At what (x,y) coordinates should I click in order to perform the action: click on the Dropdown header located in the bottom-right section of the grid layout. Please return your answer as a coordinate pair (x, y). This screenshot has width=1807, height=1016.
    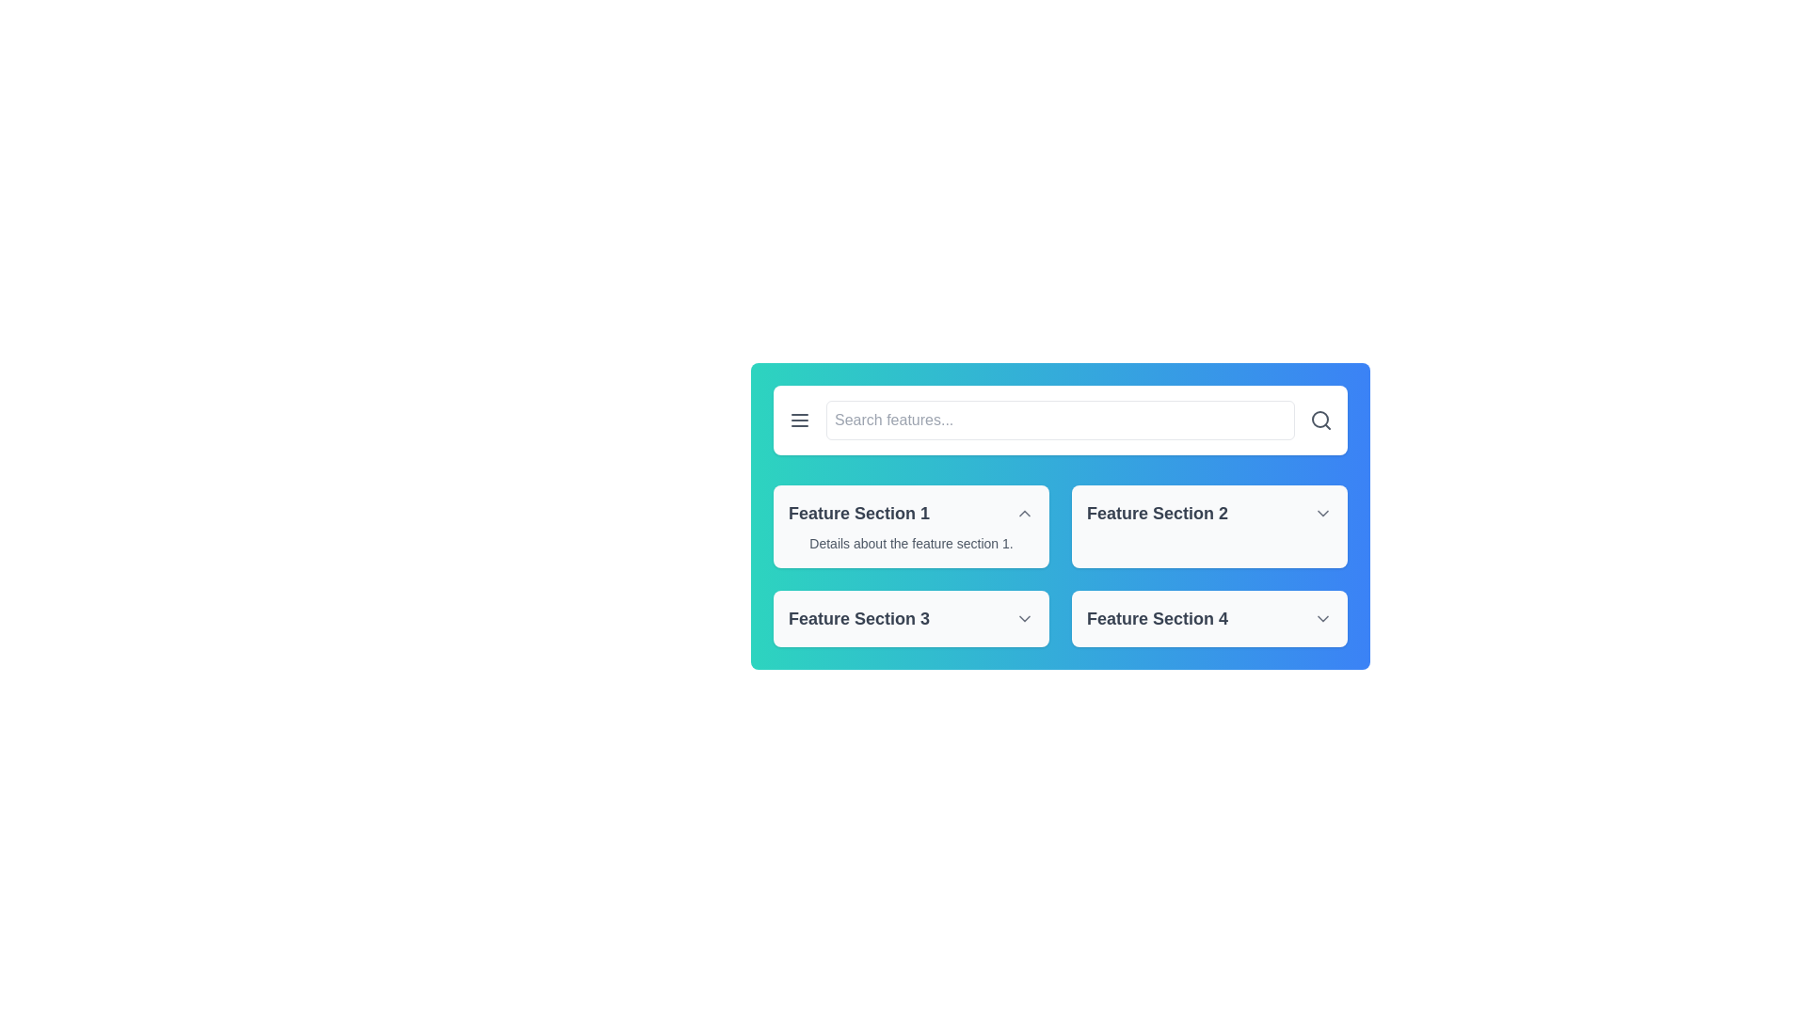
    Looking at the image, I should click on (1209, 619).